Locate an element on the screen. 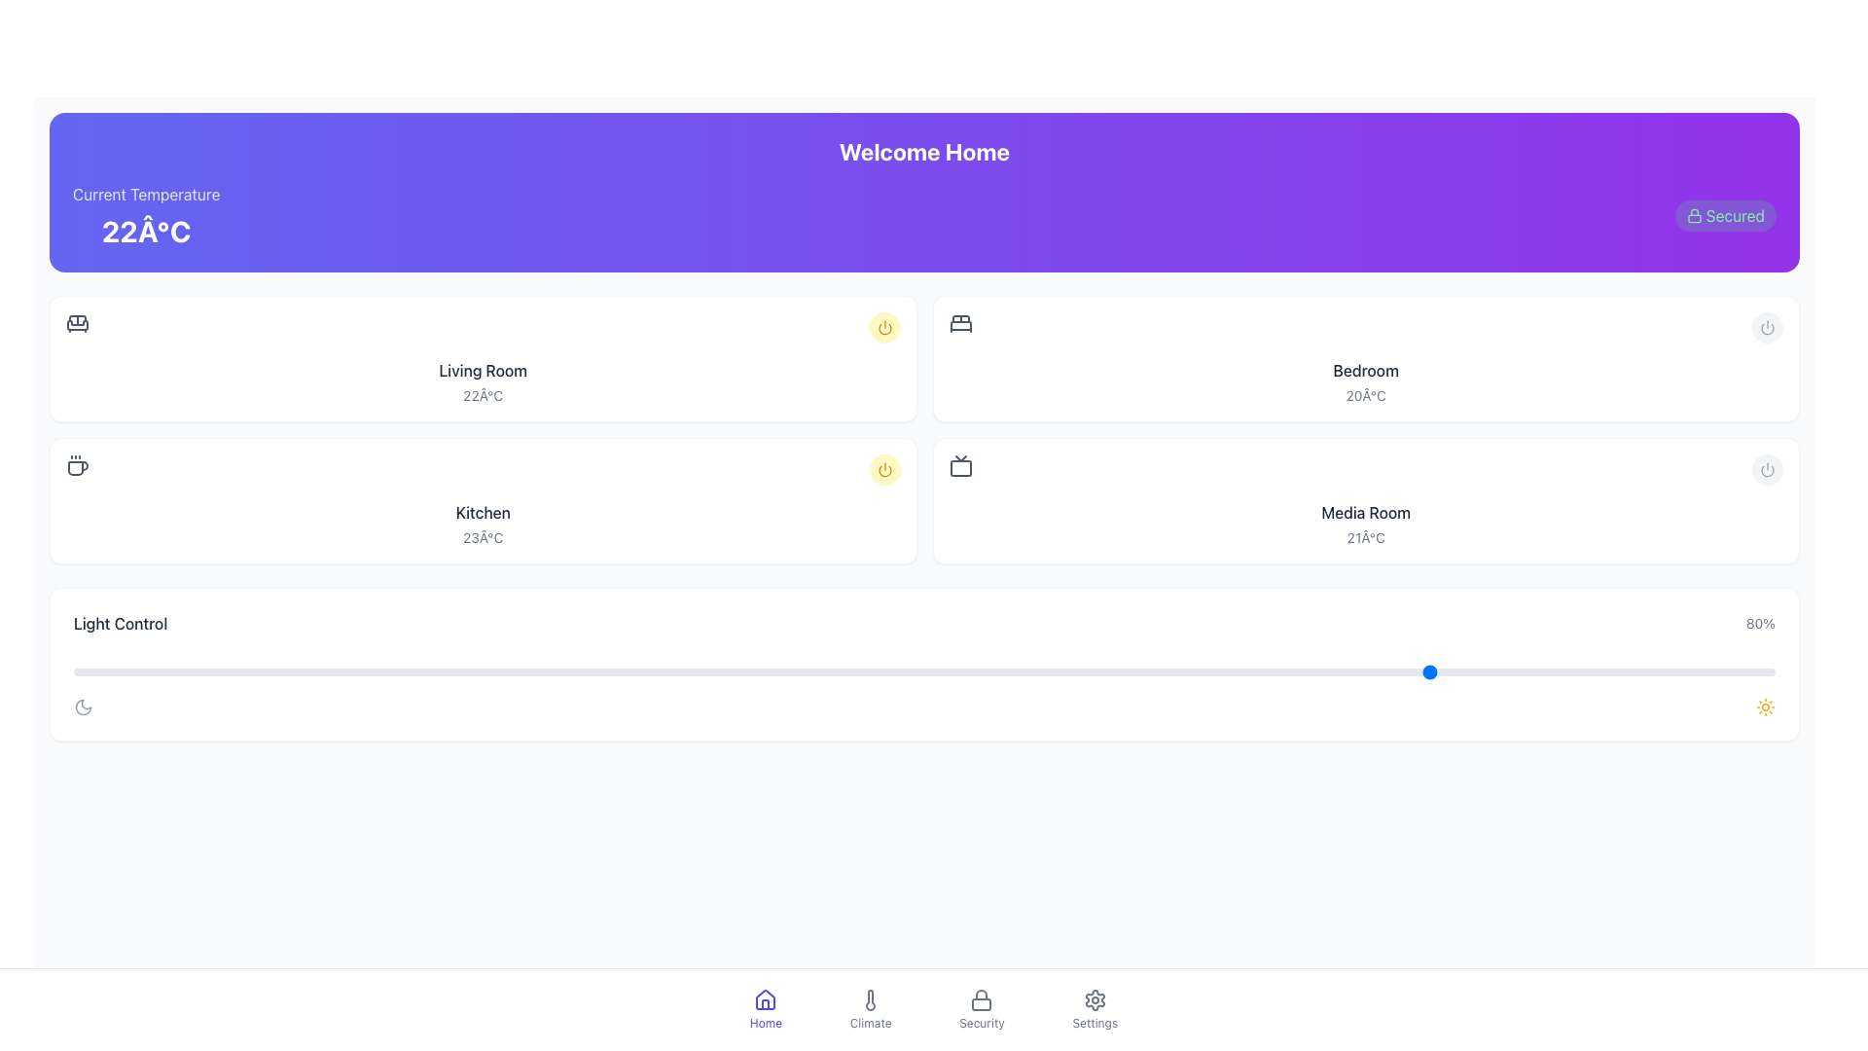  the small gray moon-shaped icon located on the left end of the horizontal section in the UI is located at coordinates (83, 707).